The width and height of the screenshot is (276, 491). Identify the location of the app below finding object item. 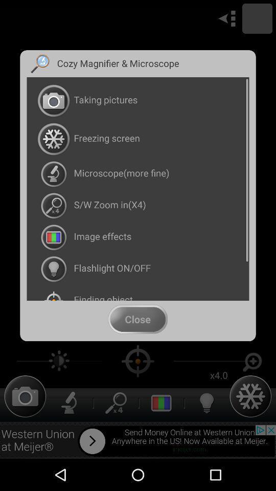
(137, 319).